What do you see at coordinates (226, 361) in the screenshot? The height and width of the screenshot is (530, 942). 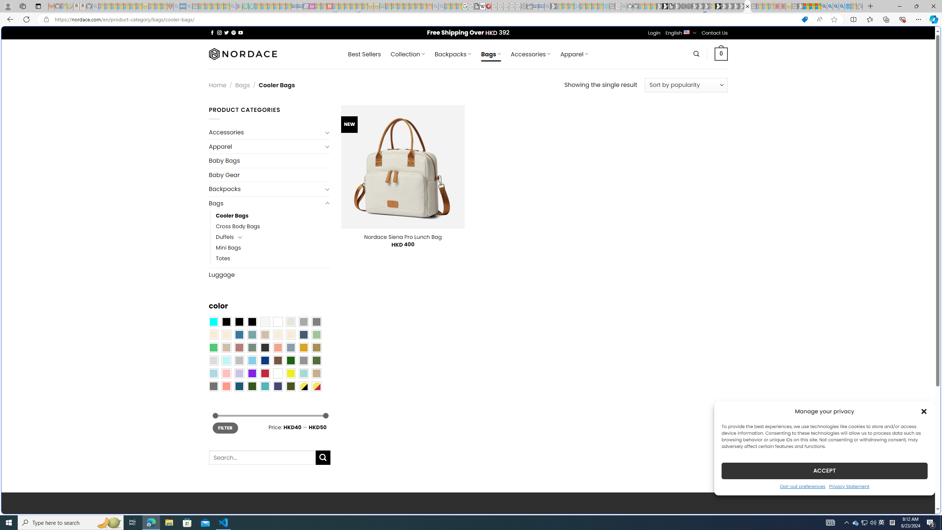 I see `'Mint'` at bounding box center [226, 361].